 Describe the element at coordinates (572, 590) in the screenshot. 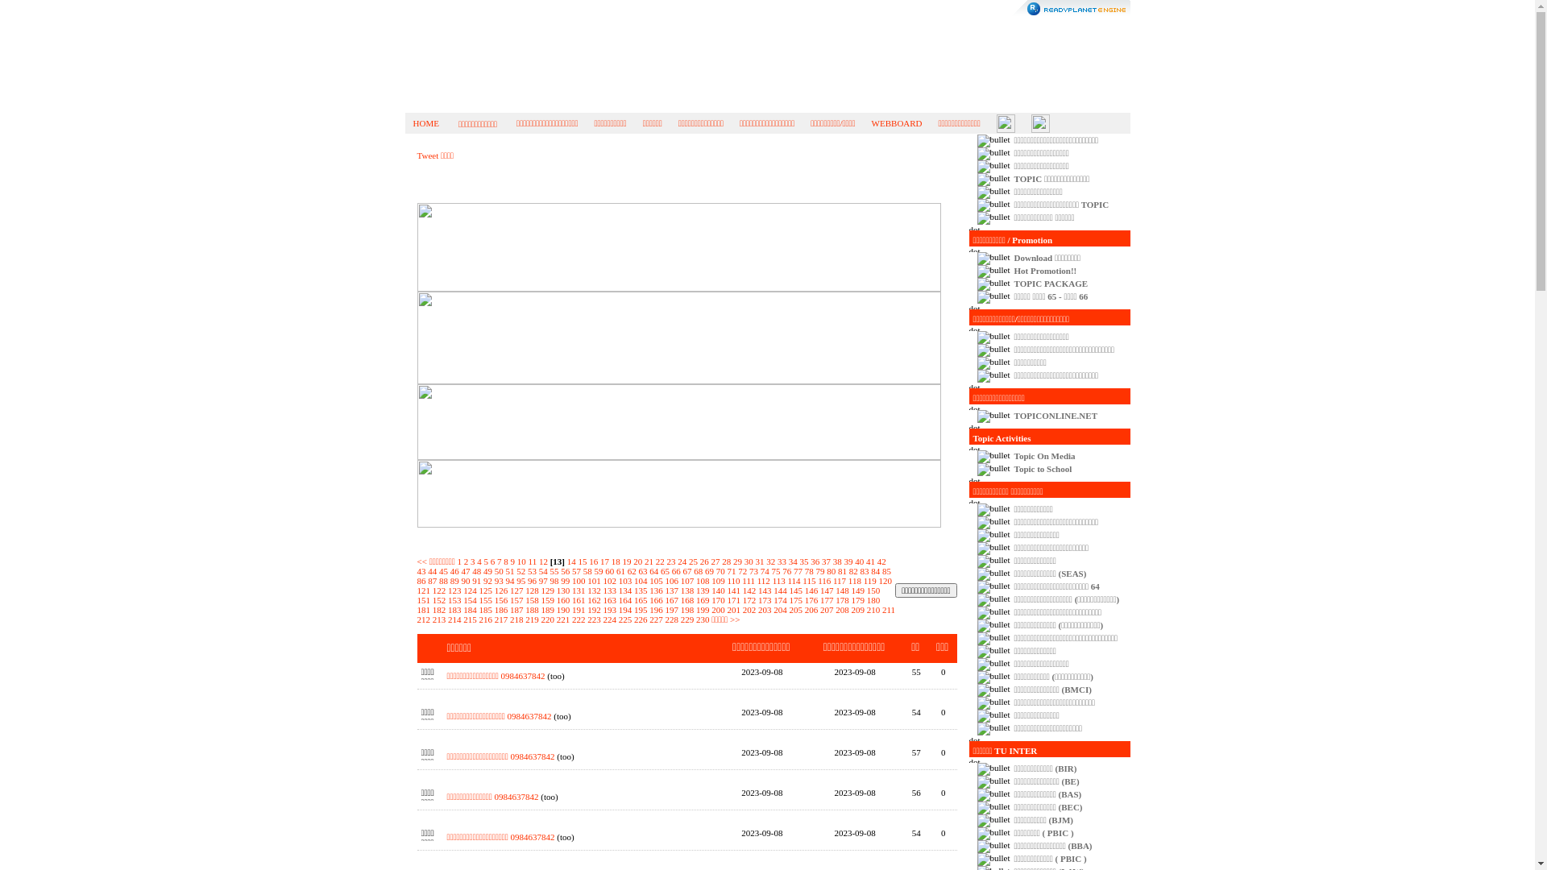

I see `'131'` at that location.